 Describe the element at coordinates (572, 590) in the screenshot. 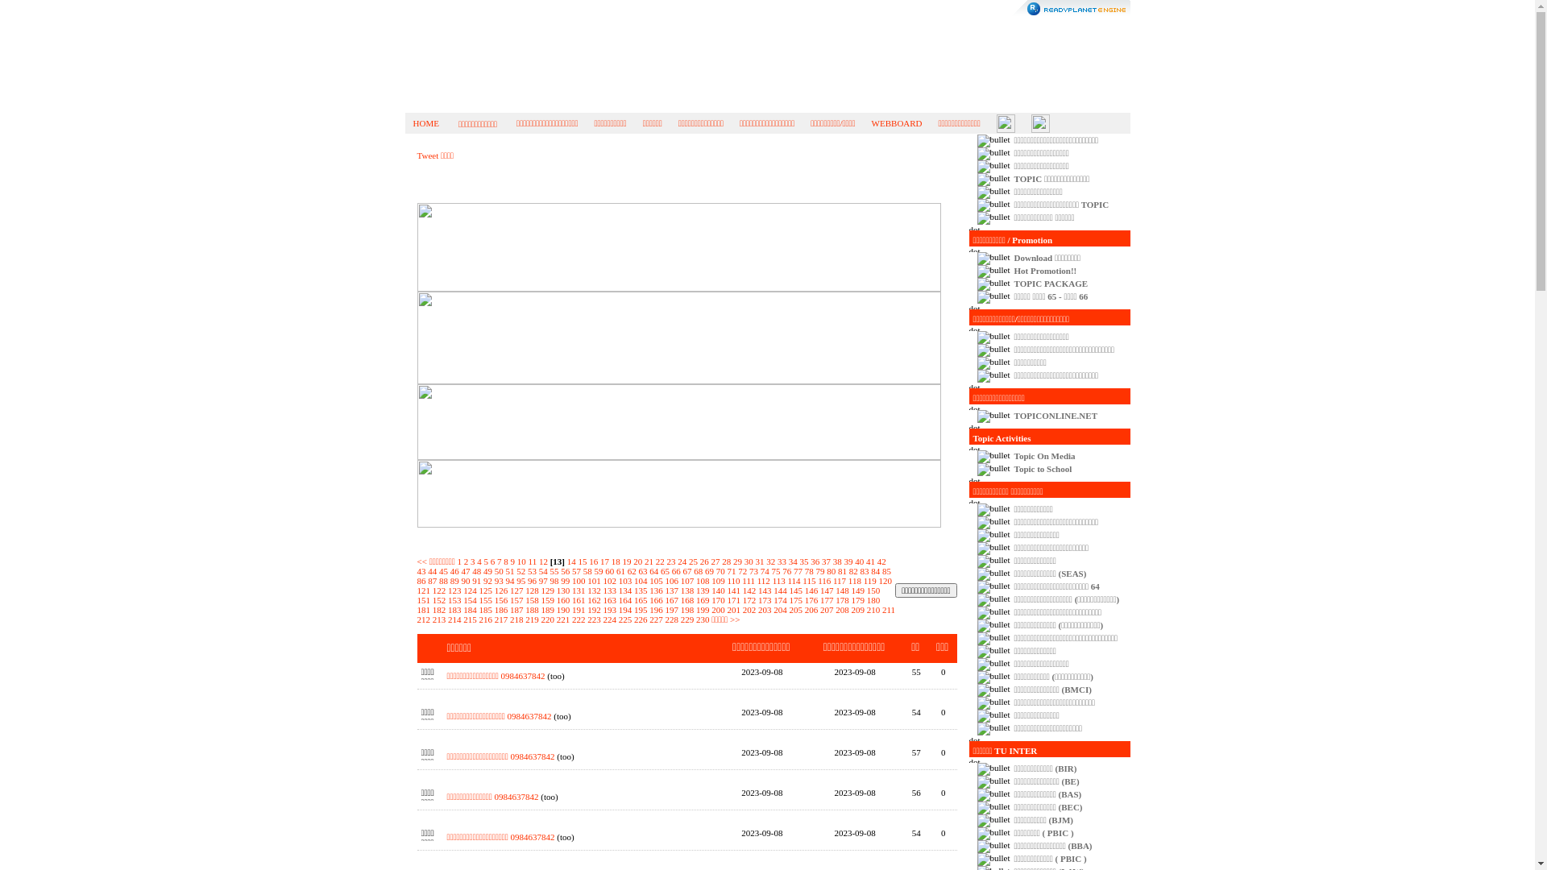

I see `'131'` at that location.